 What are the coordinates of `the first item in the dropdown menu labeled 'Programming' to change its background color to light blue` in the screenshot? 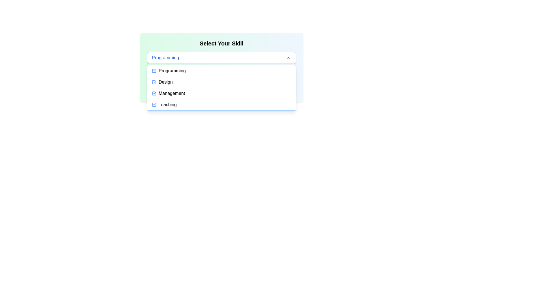 It's located at (221, 70).